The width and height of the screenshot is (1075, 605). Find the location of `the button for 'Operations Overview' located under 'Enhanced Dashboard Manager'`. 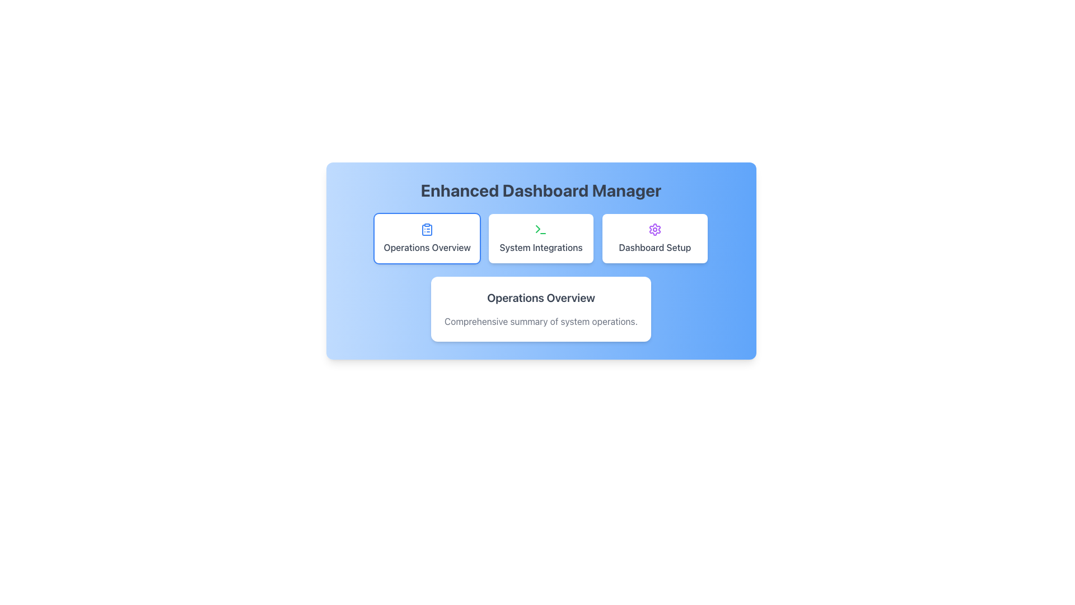

the button for 'Operations Overview' located under 'Enhanced Dashboard Manager' is located at coordinates (427, 238).